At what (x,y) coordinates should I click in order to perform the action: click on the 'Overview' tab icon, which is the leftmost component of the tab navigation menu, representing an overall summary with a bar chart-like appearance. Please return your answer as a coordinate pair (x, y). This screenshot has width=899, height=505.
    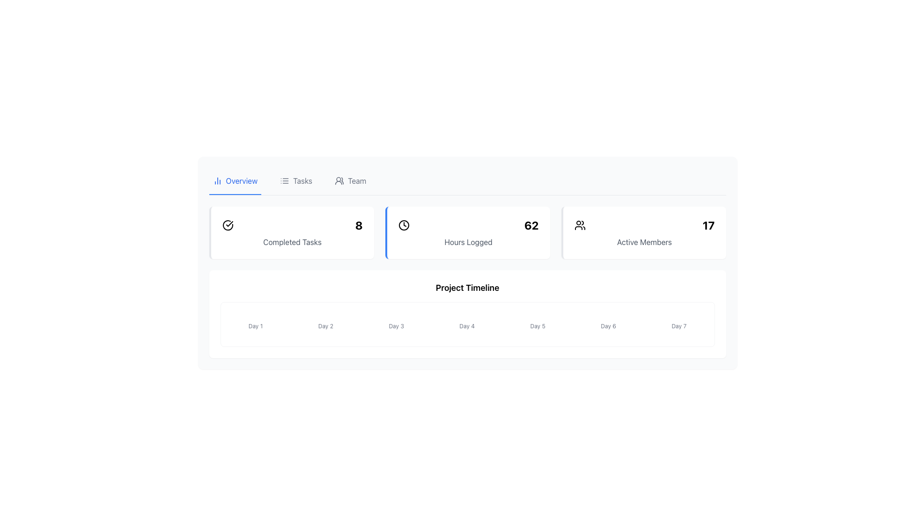
    Looking at the image, I should click on (217, 180).